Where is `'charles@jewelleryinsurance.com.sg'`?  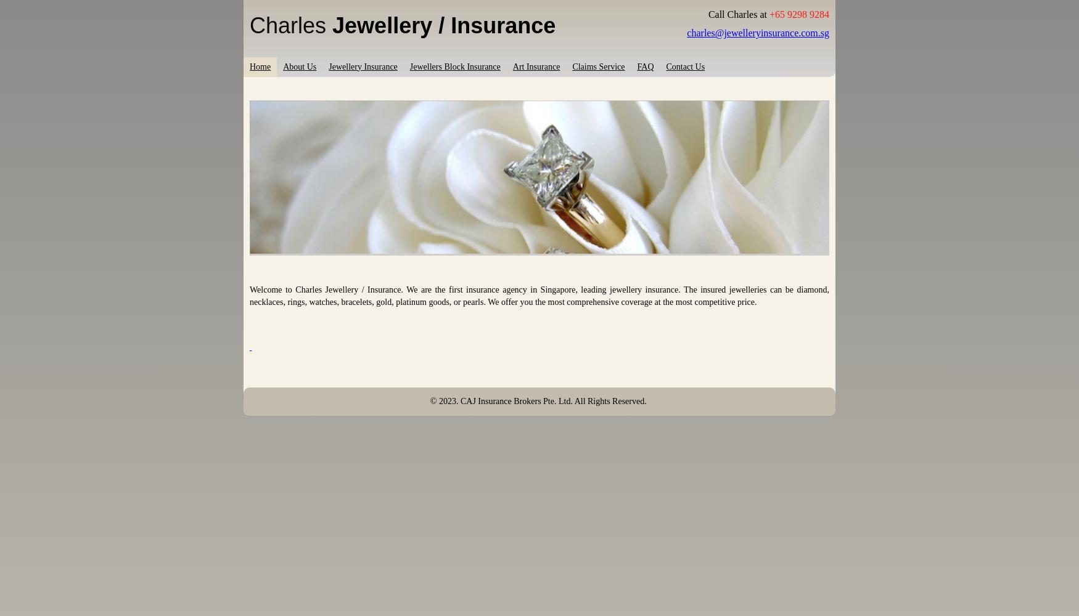 'charles@jewelleryinsurance.com.sg' is located at coordinates (687, 33).